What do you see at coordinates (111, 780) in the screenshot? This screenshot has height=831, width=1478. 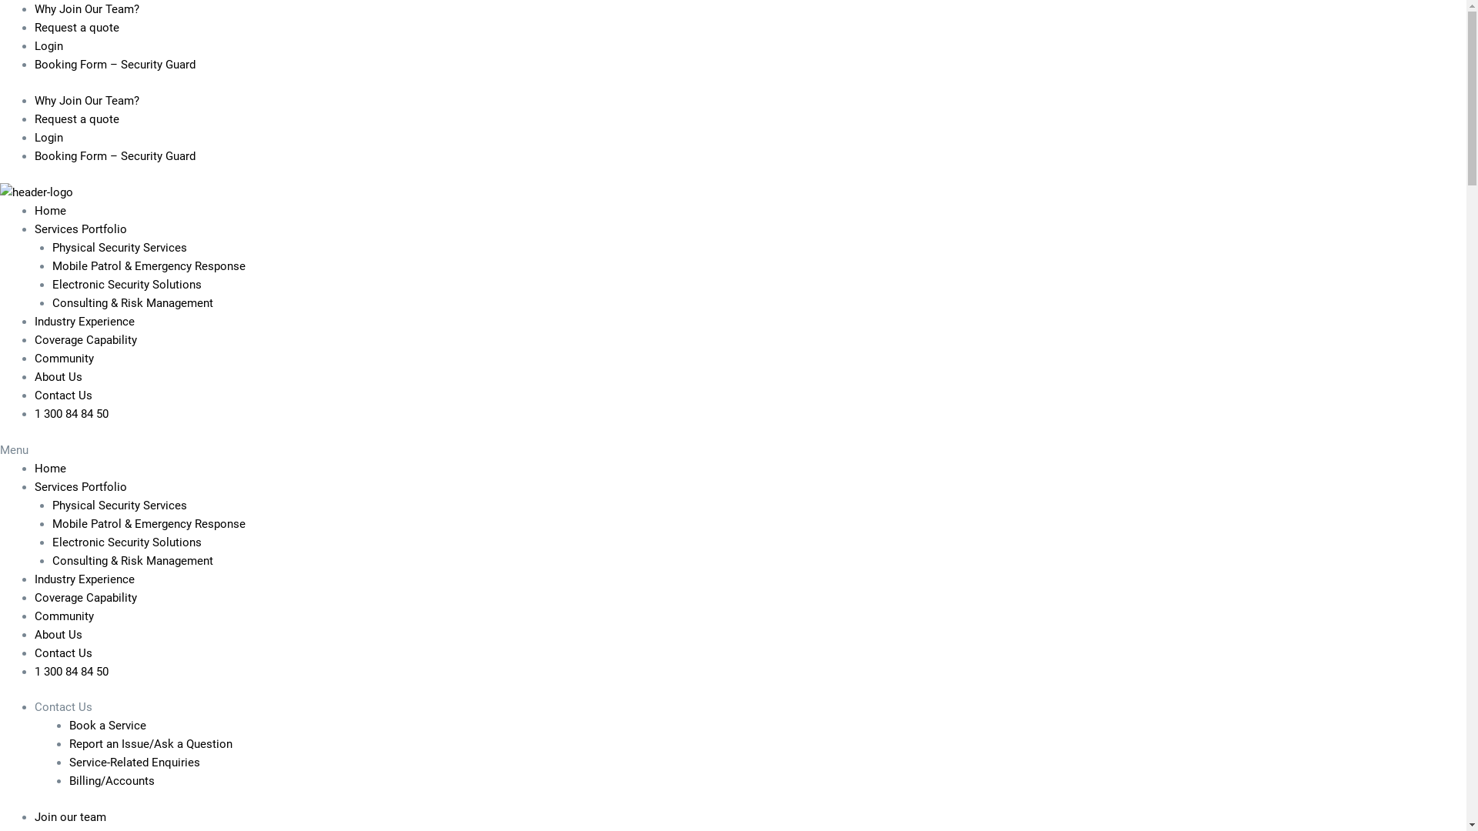 I see `'Billing/Accounts'` at bounding box center [111, 780].